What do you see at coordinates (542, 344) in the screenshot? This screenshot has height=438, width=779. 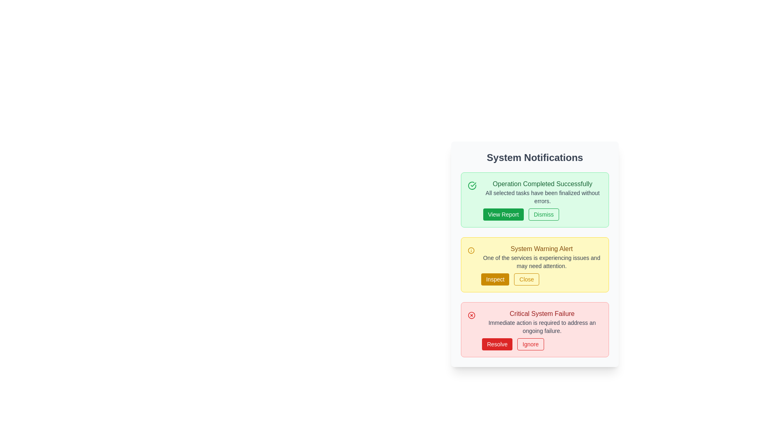 I see `the 'Ignore' button` at bounding box center [542, 344].